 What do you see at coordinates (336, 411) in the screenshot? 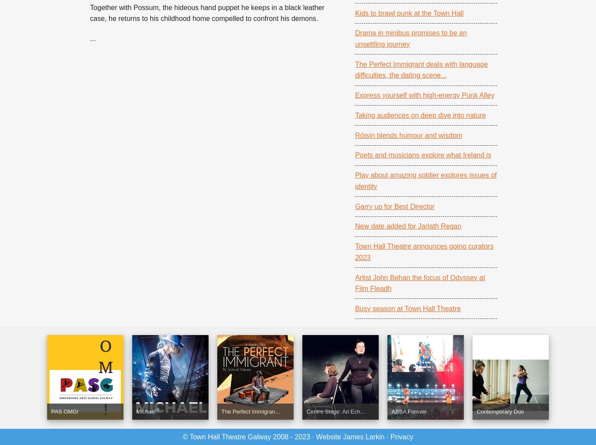
I see `'Centre Stage: An Ech...'` at bounding box center [336, 411].